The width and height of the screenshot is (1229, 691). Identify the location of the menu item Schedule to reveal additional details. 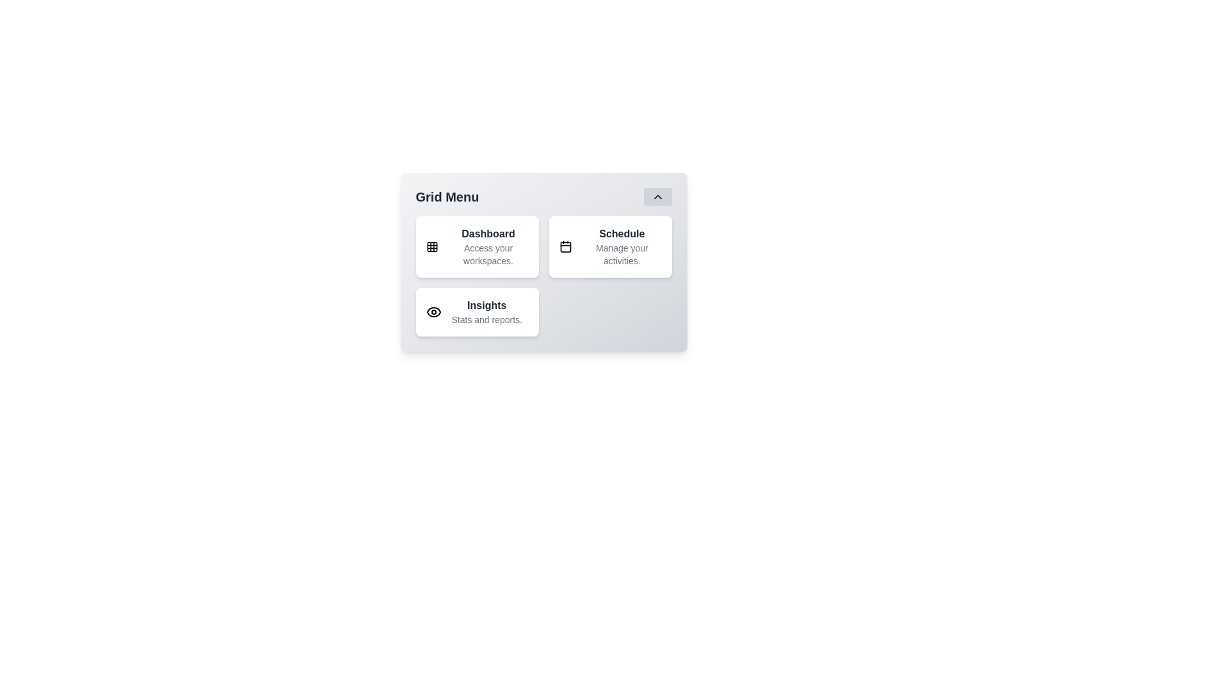
(609, 246).